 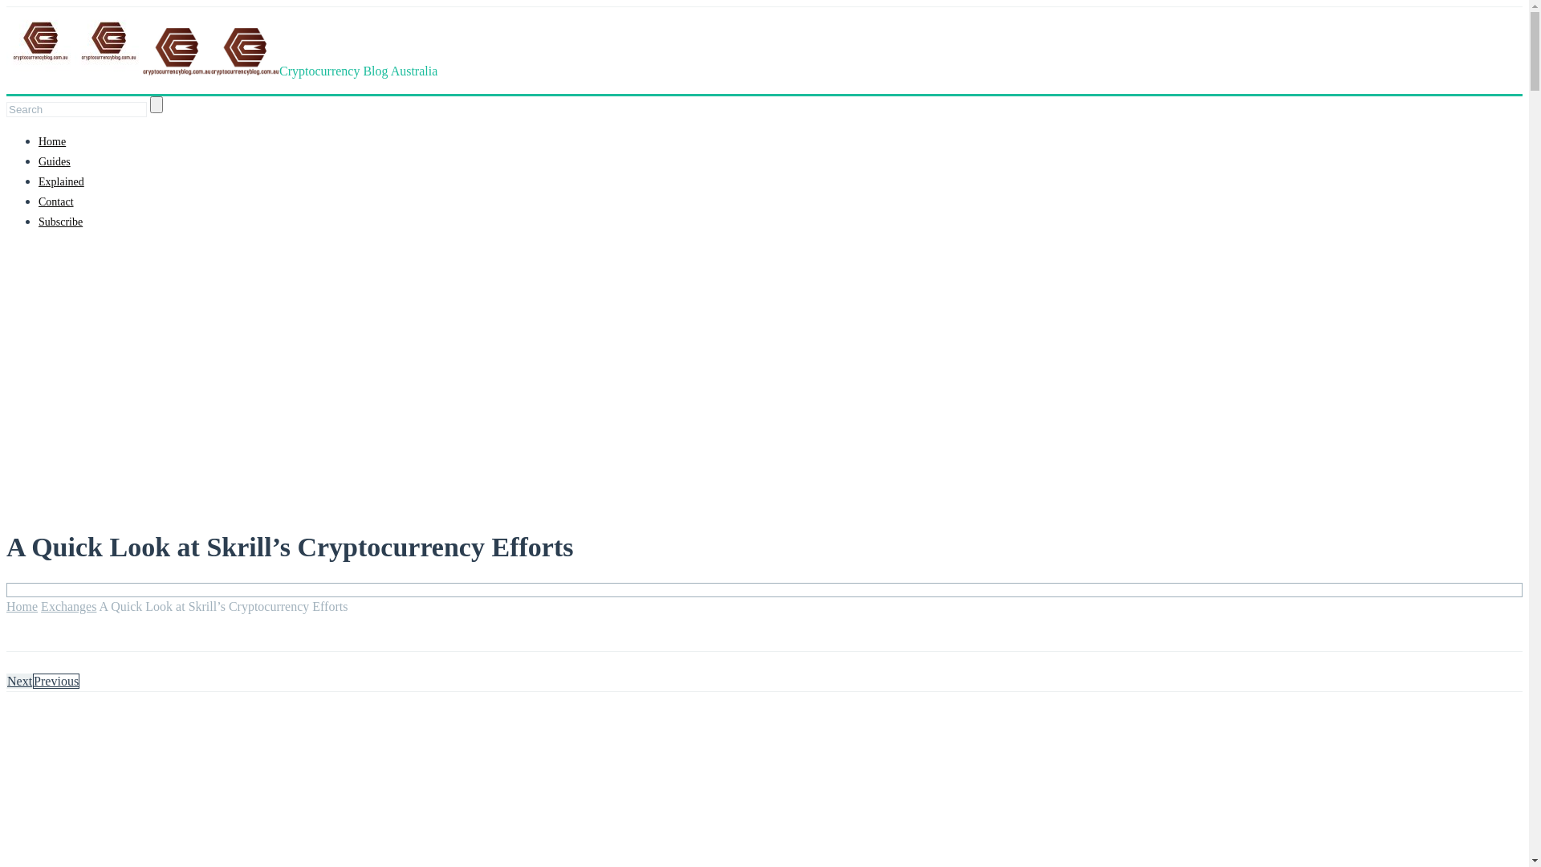 I want to click on 'Previous', so click(x=56, y=681).